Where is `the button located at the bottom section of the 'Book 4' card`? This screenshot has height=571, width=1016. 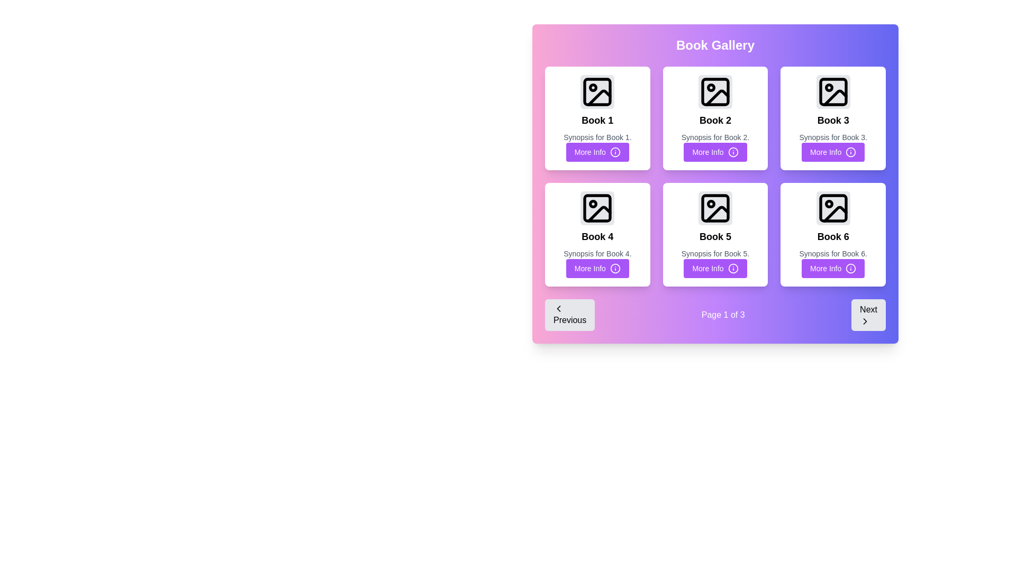
the button located at the bottom section of the 'Book 4' card is located at coordinates (597, 268).